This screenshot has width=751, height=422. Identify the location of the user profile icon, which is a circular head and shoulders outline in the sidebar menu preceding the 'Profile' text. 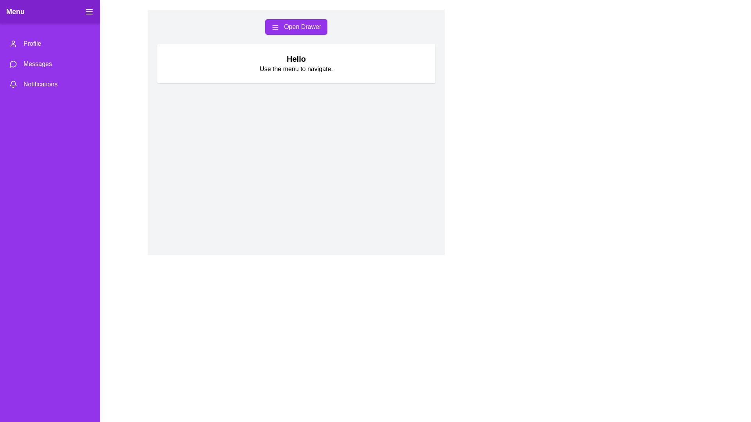
(13, 43).